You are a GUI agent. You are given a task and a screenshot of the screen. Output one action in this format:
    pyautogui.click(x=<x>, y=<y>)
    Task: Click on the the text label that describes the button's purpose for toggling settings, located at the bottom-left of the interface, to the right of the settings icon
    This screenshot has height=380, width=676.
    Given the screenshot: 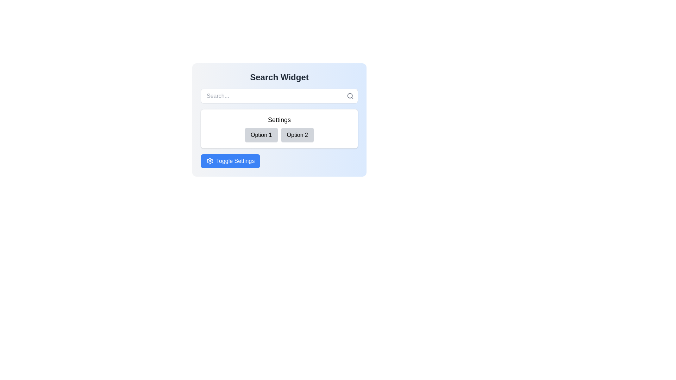 What is the action you would take?
    pyautogui.click(x=235, y=161)
    